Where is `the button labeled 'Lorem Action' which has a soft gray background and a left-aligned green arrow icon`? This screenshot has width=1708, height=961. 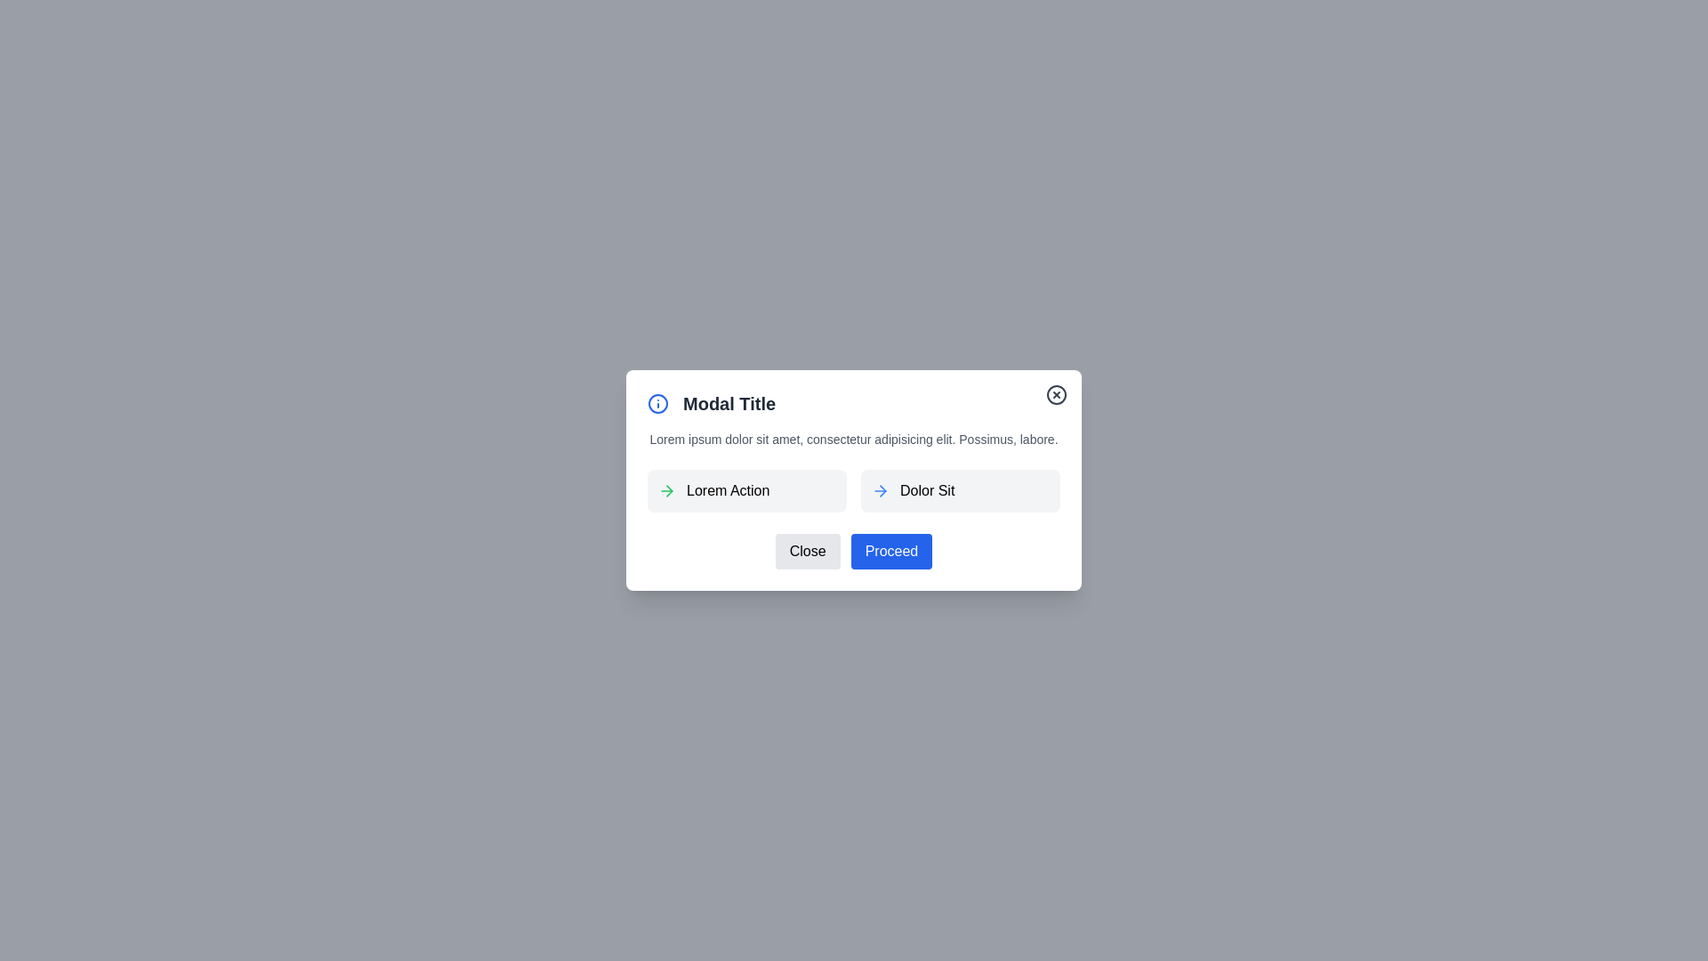 the button labeled 'Lorem Action' which has a soft gray background and a left-aligned green arrow icon is located at coordinates (747, 490).